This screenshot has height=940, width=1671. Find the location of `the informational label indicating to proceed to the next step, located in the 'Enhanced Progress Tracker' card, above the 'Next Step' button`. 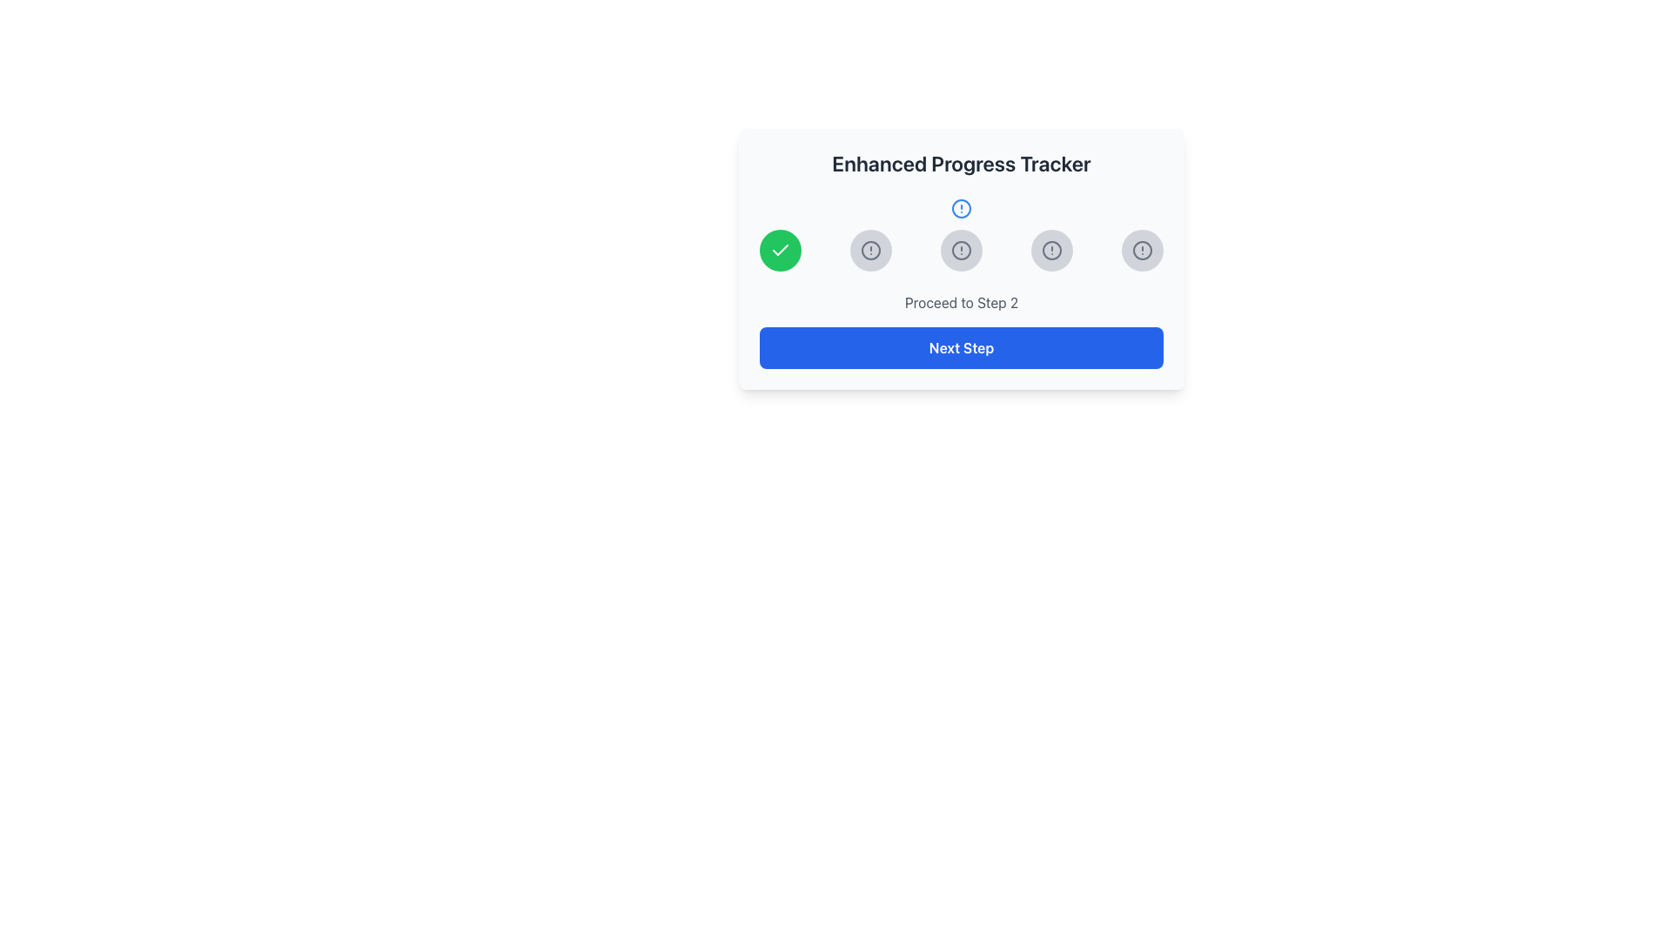

the informational label indicating to proceed to the next step, located in the 'Enhanced Progress Tracker' card, above the 'Next Step' button is located at coordinates (960, 301).